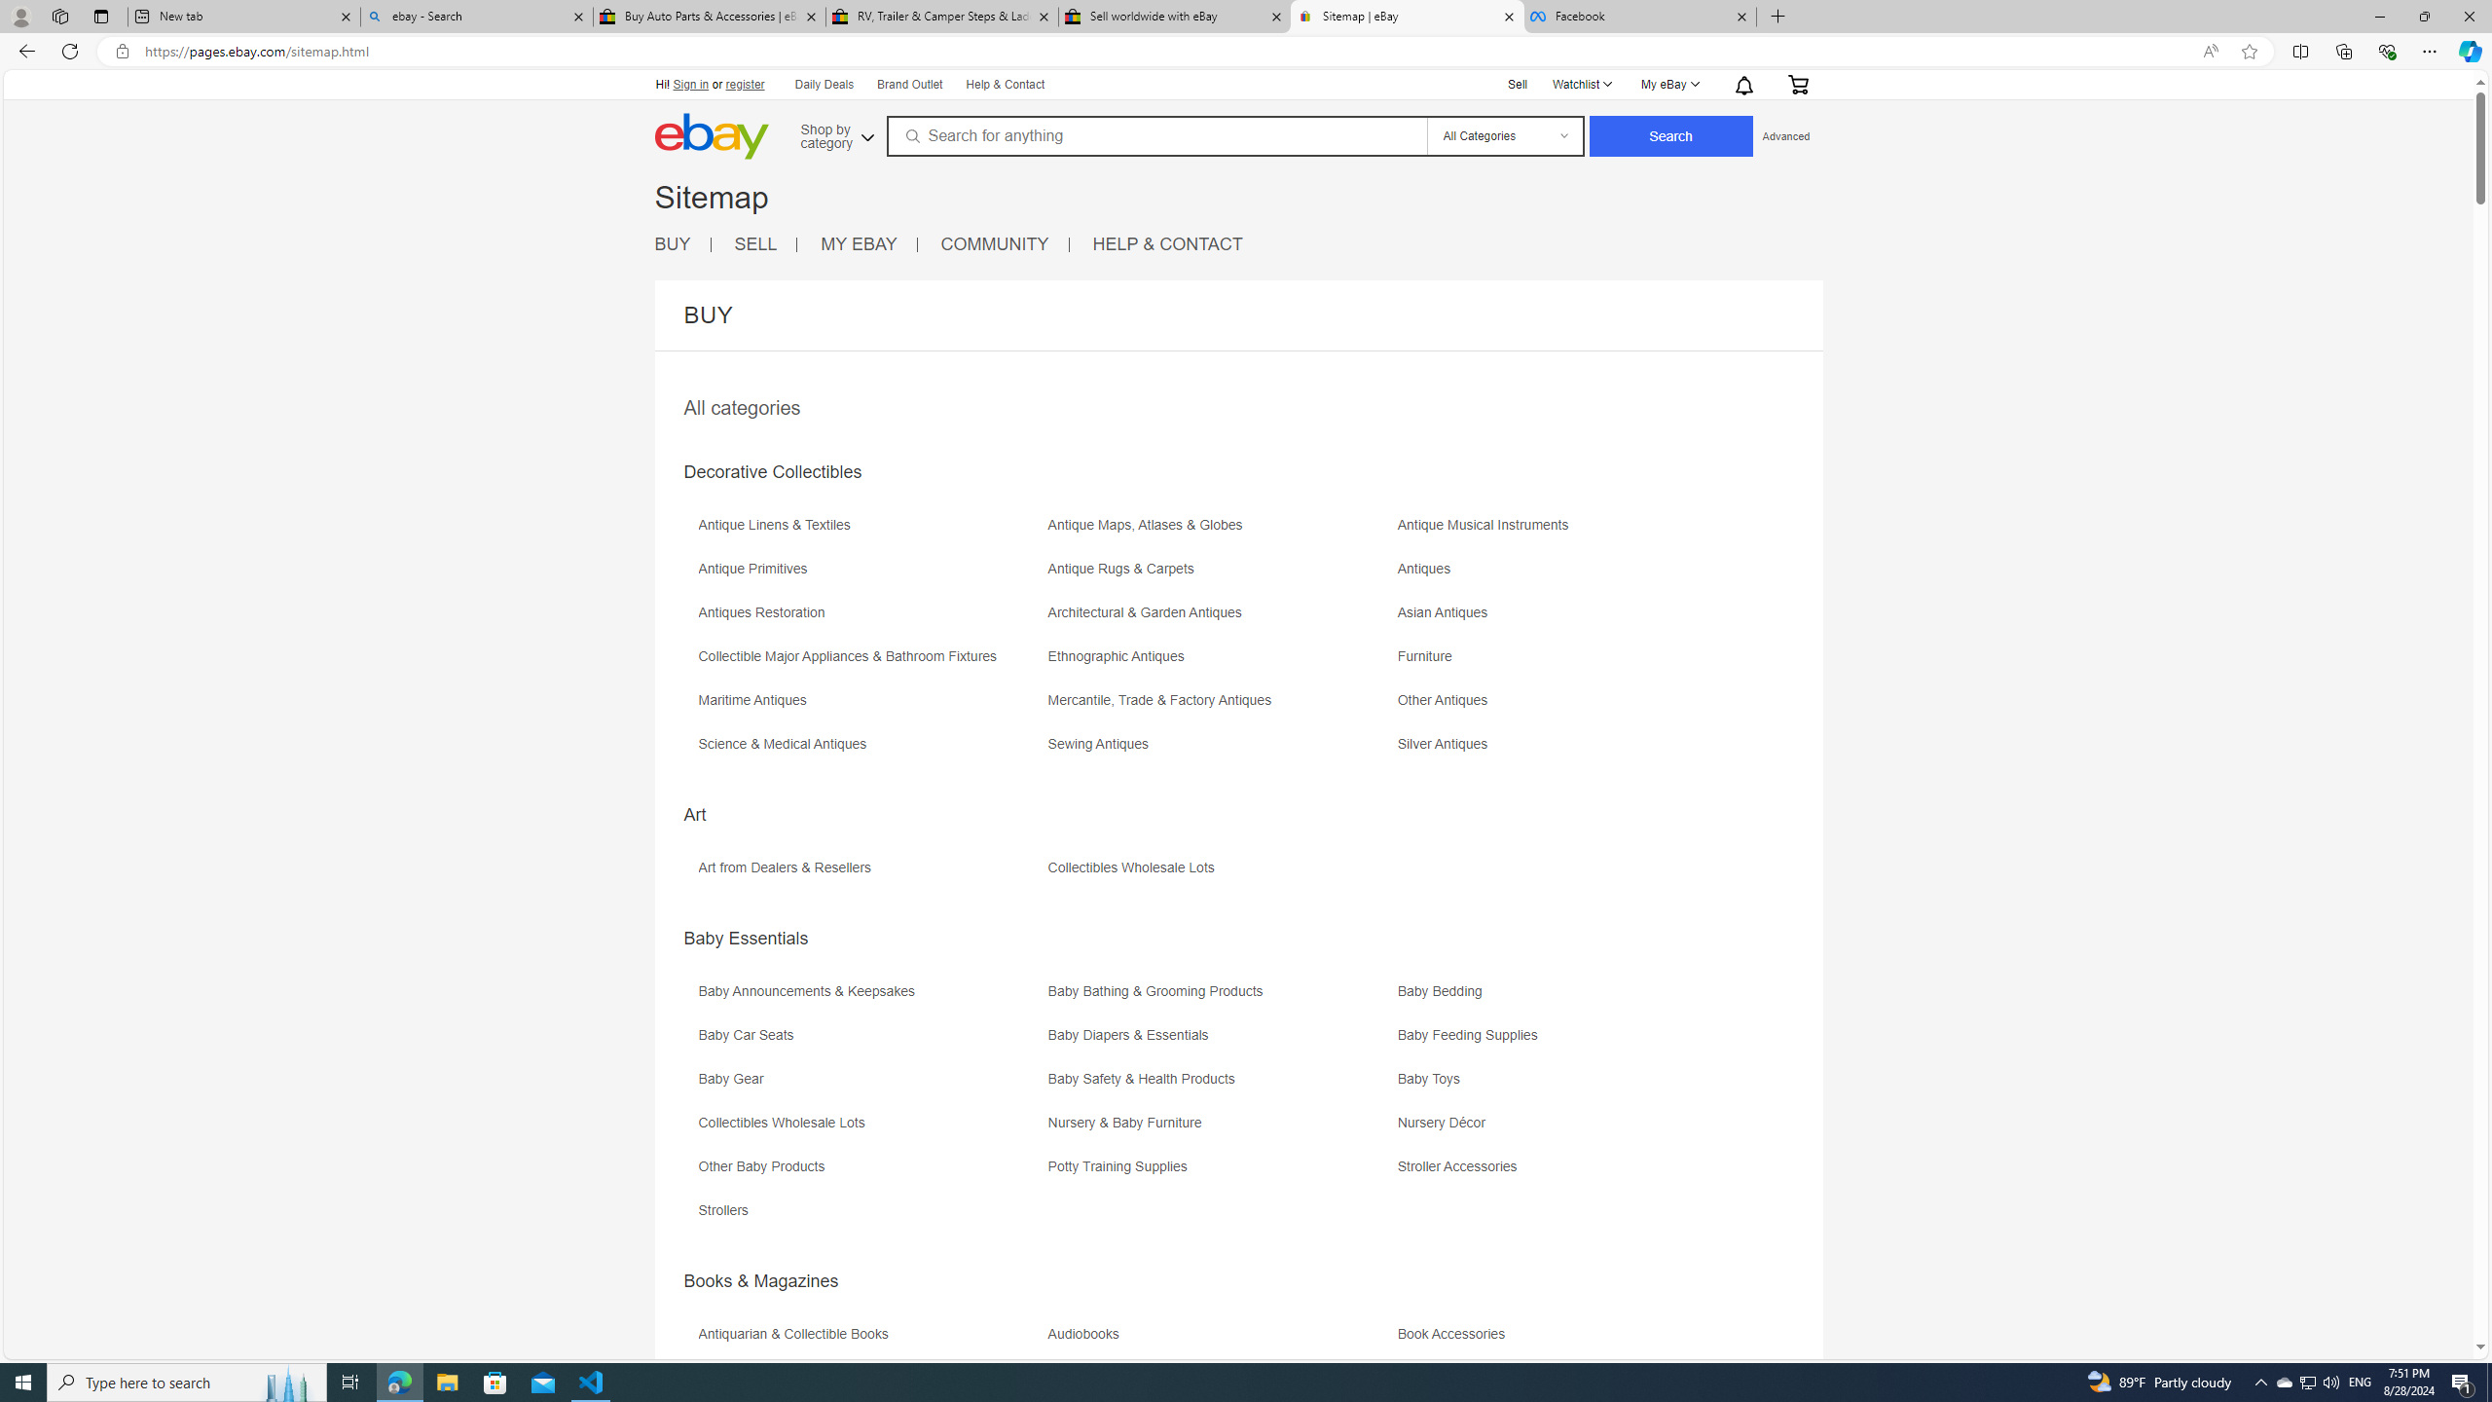 The width and height of the screenshot is (2492, 1402). I want to click on 'Help & Contact', so click(1004, 85).